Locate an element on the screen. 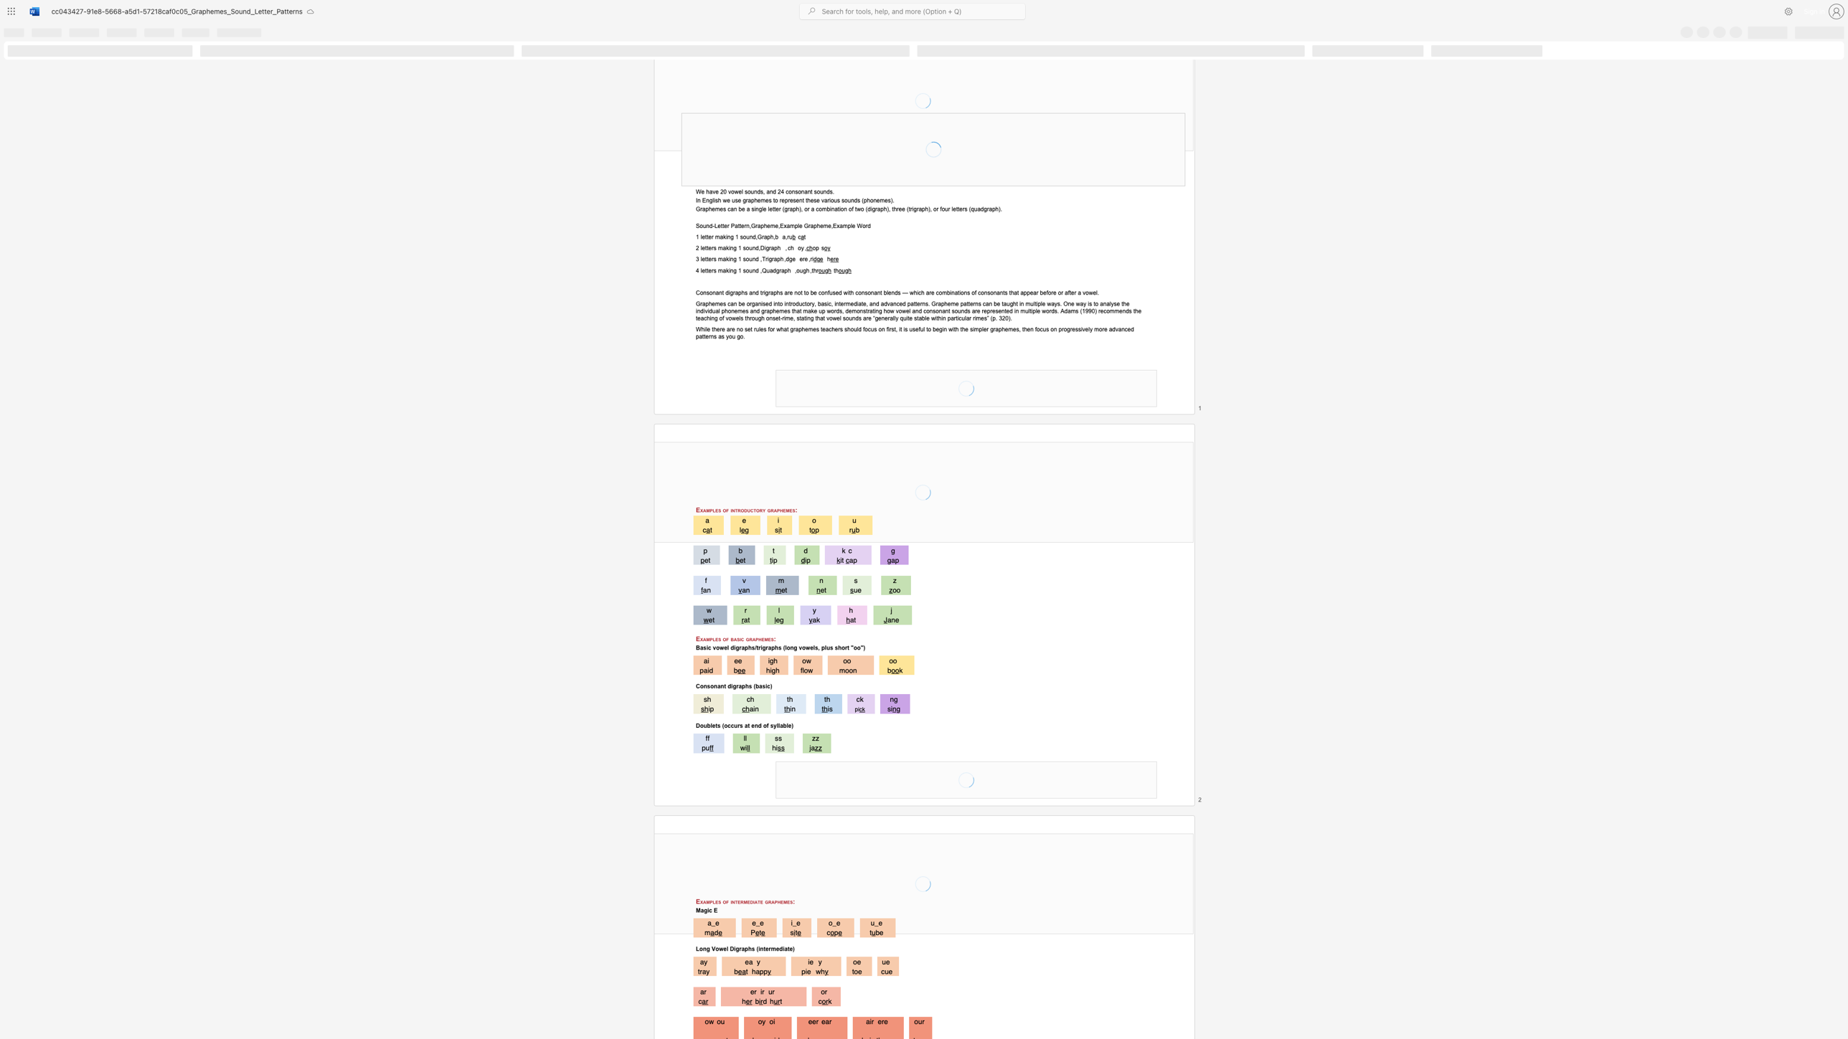 The width and height of the screenshot is (1848, 1039). the space between the continuous character "b" and "e" in the text is located at coordinates (741, 208).